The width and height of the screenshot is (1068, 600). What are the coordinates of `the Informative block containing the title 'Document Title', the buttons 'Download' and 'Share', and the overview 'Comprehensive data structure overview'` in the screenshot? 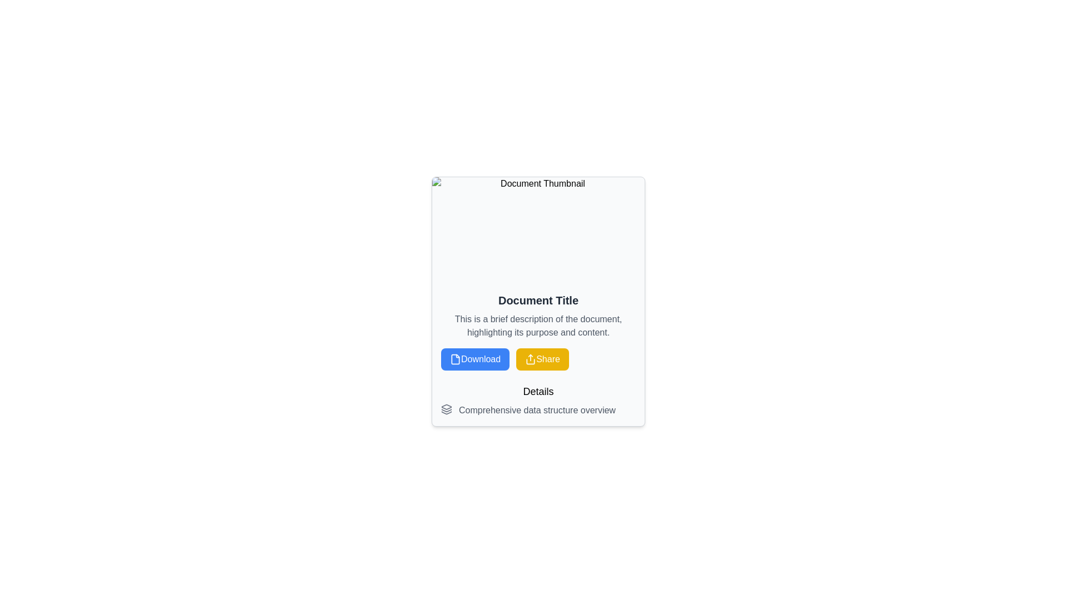 It's located at (538, 355).